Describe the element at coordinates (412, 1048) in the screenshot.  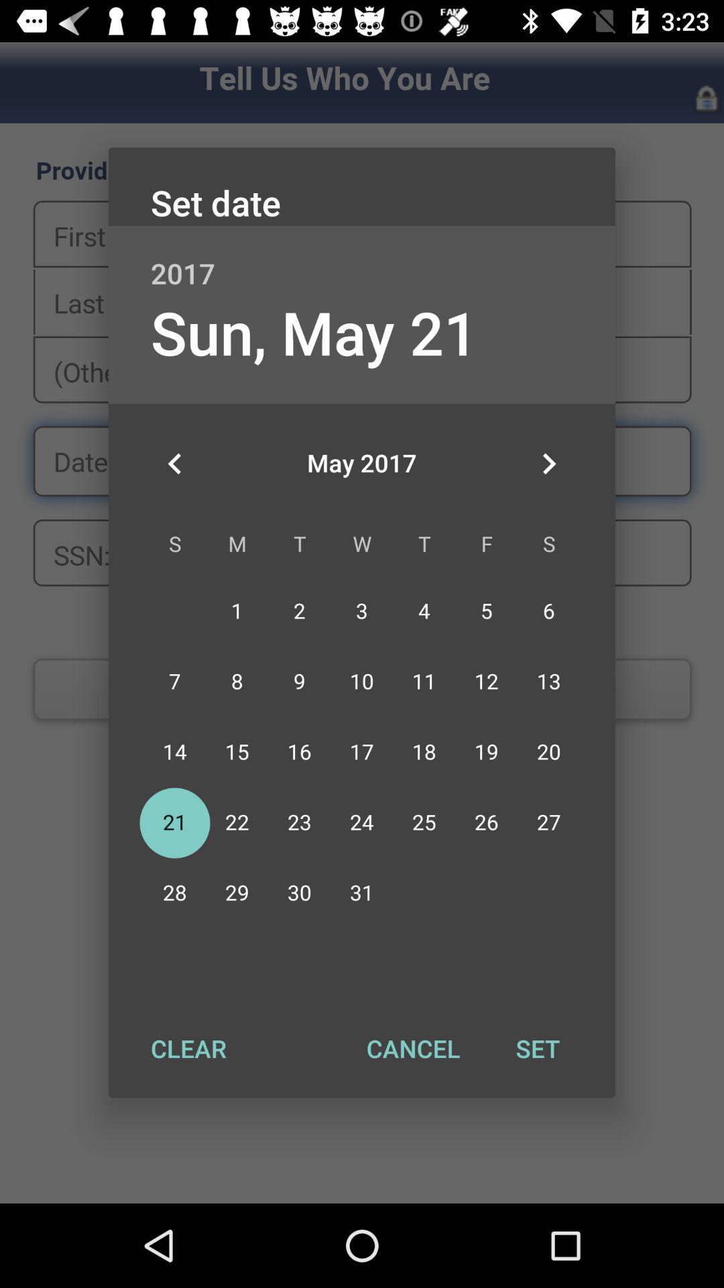
I see `icon to the right of the clear` at that location.